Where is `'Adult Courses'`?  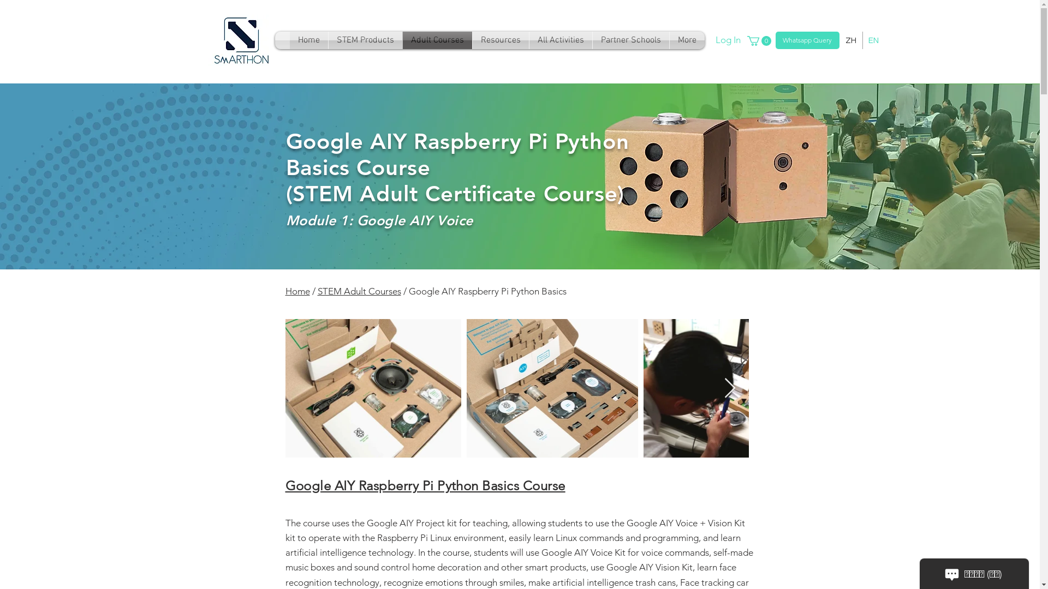 'Adult Courses' is located at coordinates (437, 39).